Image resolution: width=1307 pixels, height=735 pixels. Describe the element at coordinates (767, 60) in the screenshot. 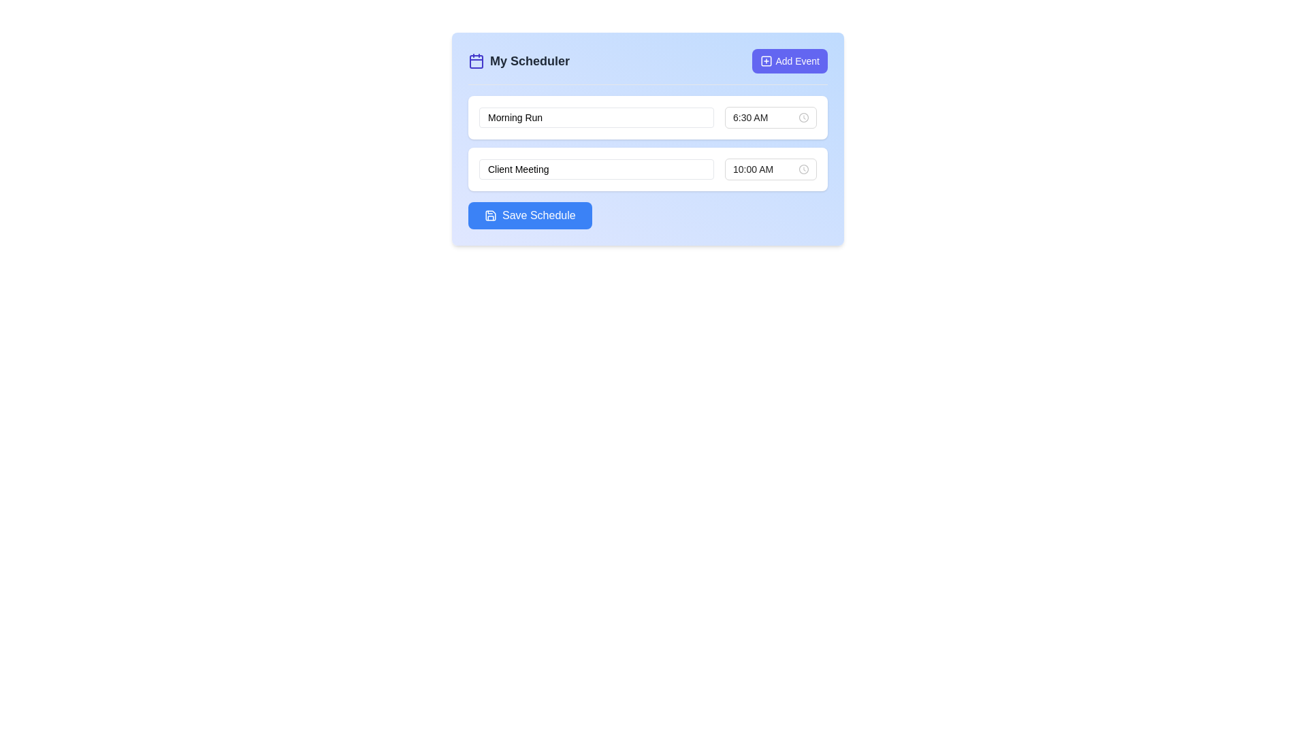

I see `the add event icon located in the top-right corner of the card, which is the leftmost component of the 'Add Event' button` at that location.